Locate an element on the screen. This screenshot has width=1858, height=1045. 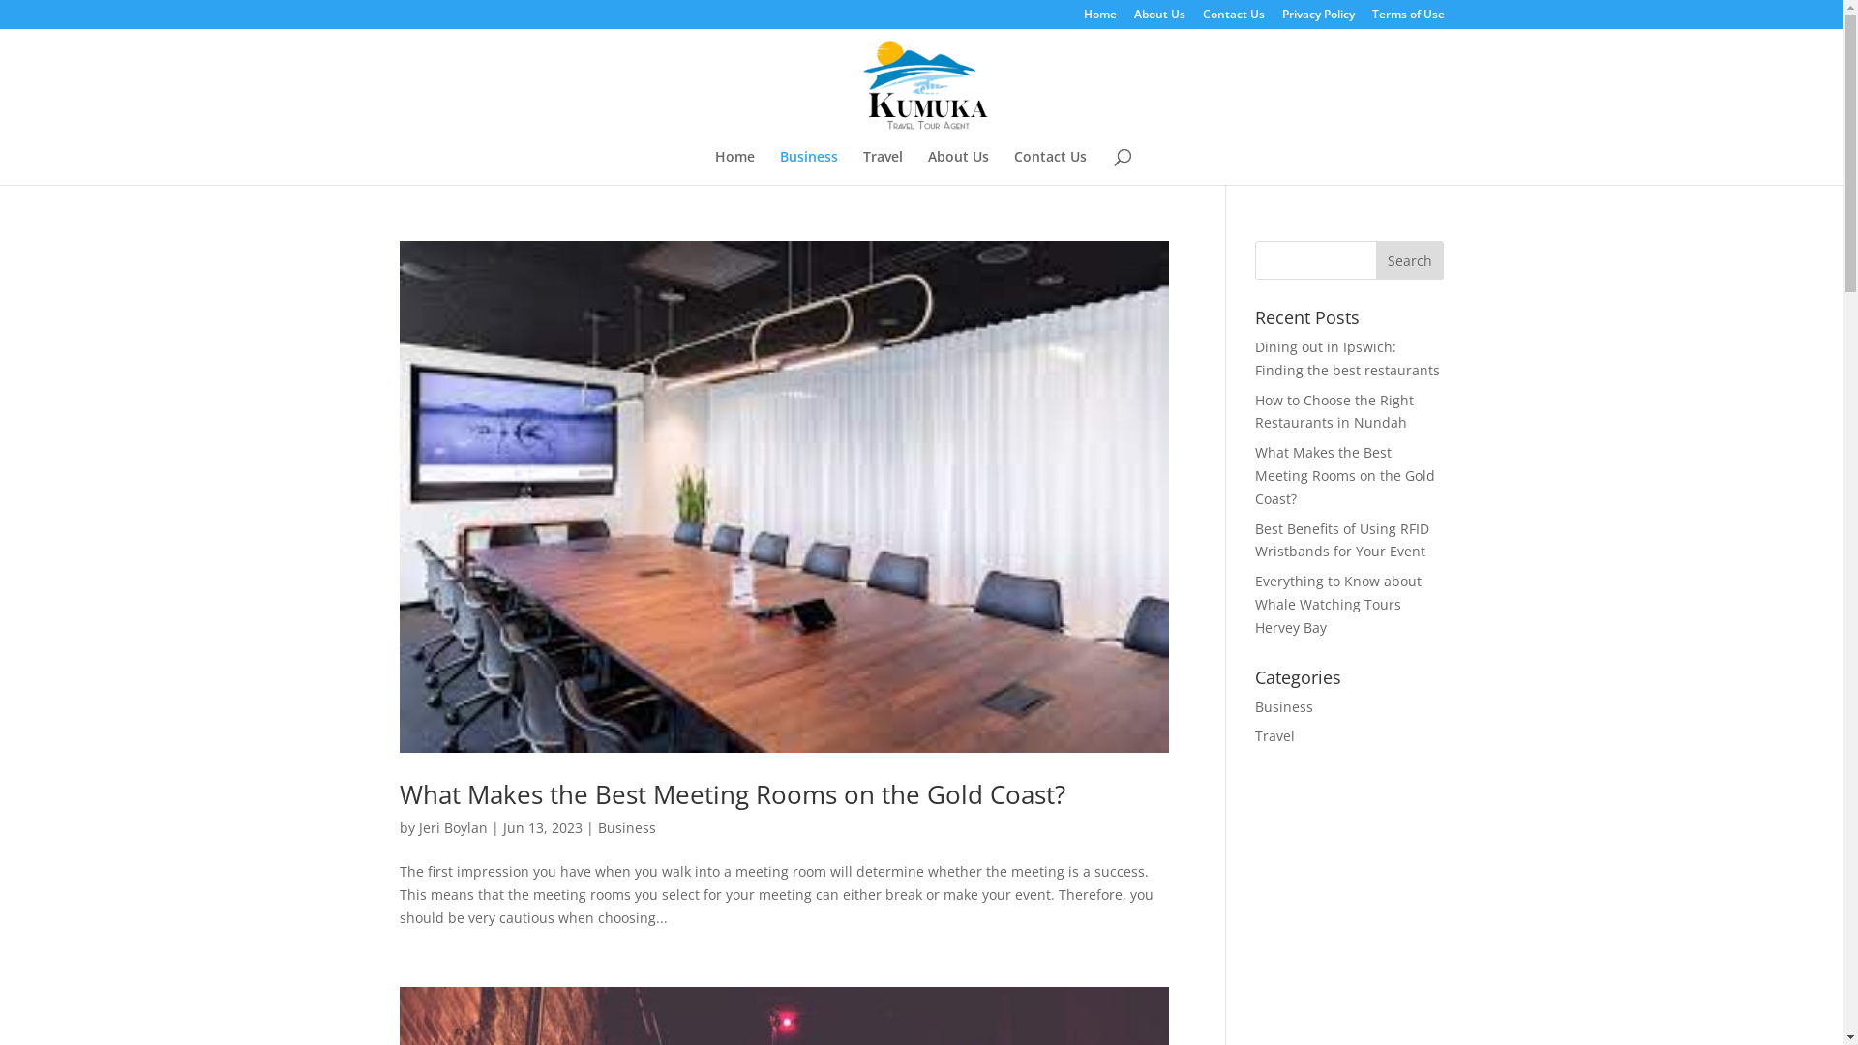
'How to Choose the Right Restaurants in Nundah' is located at coordinates (1333, 410).